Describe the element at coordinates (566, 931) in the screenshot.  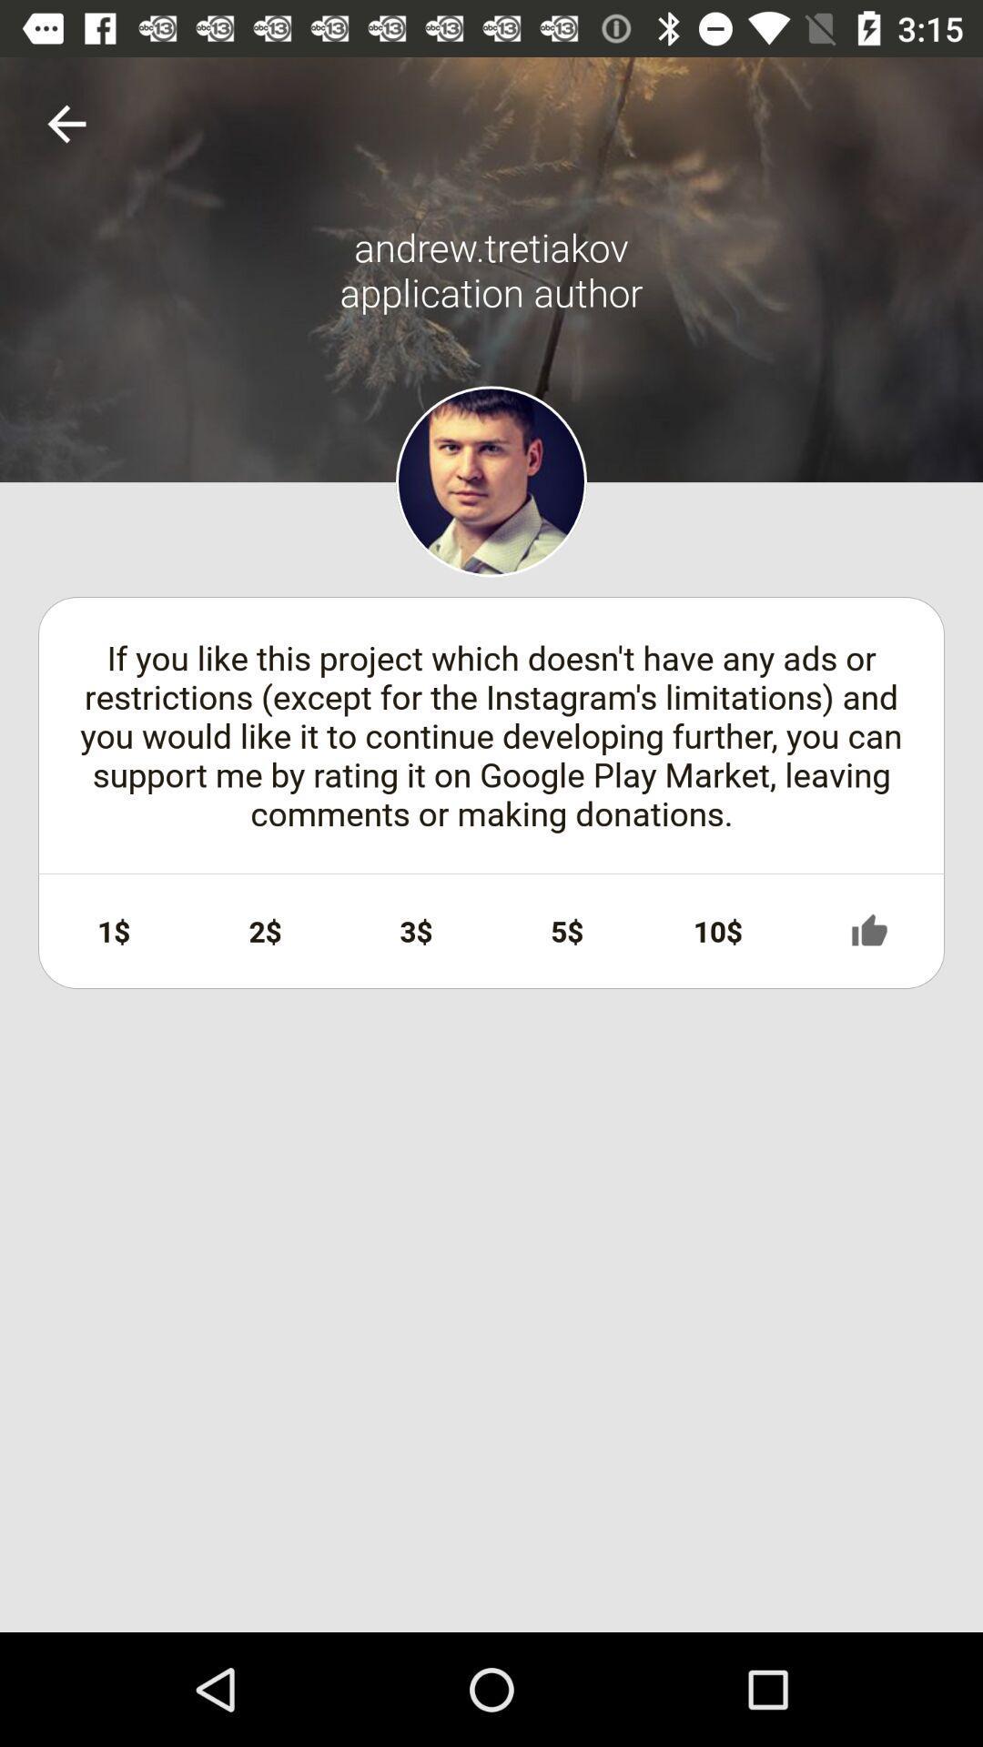
I see `the 5$ item` at that location.